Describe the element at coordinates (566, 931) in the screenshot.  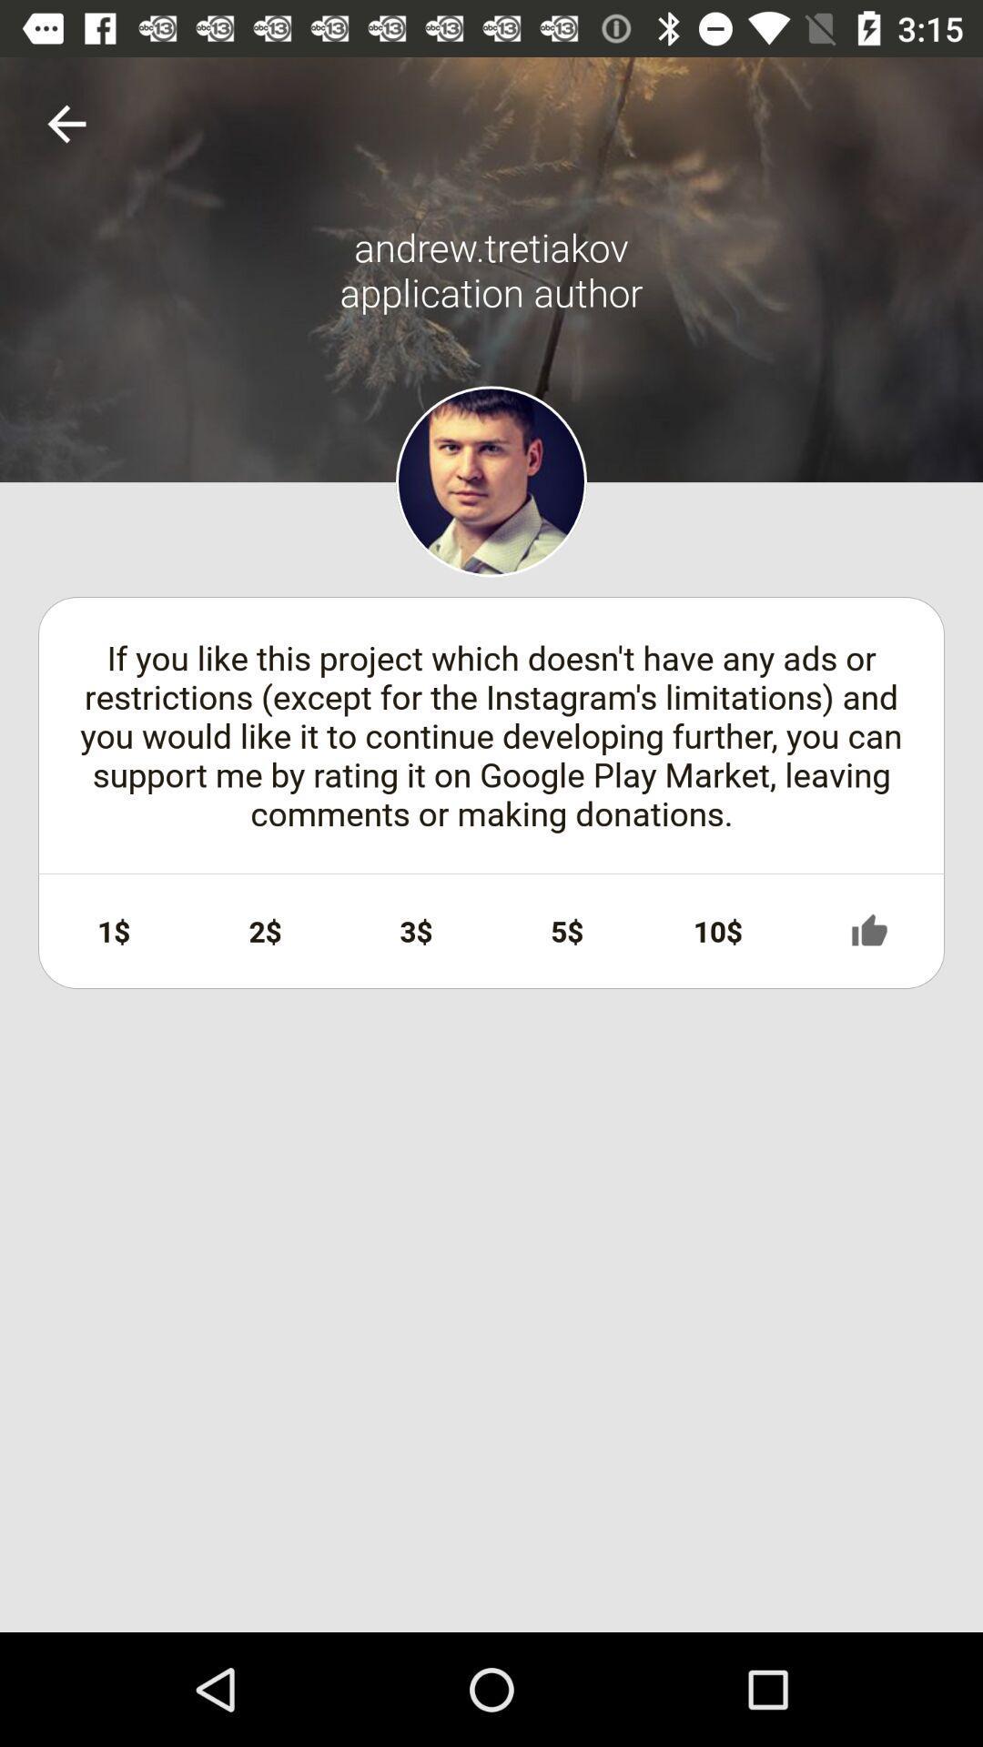
I see `the 5$ item` at that location.